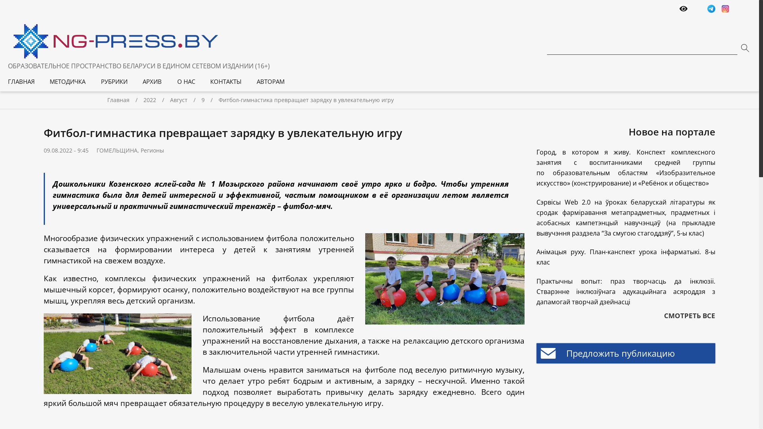 The height and width of the screenshot is (429, 763). Describe the element at coordinates (201, 99) in the screenshot. I see `'9'` at that location.